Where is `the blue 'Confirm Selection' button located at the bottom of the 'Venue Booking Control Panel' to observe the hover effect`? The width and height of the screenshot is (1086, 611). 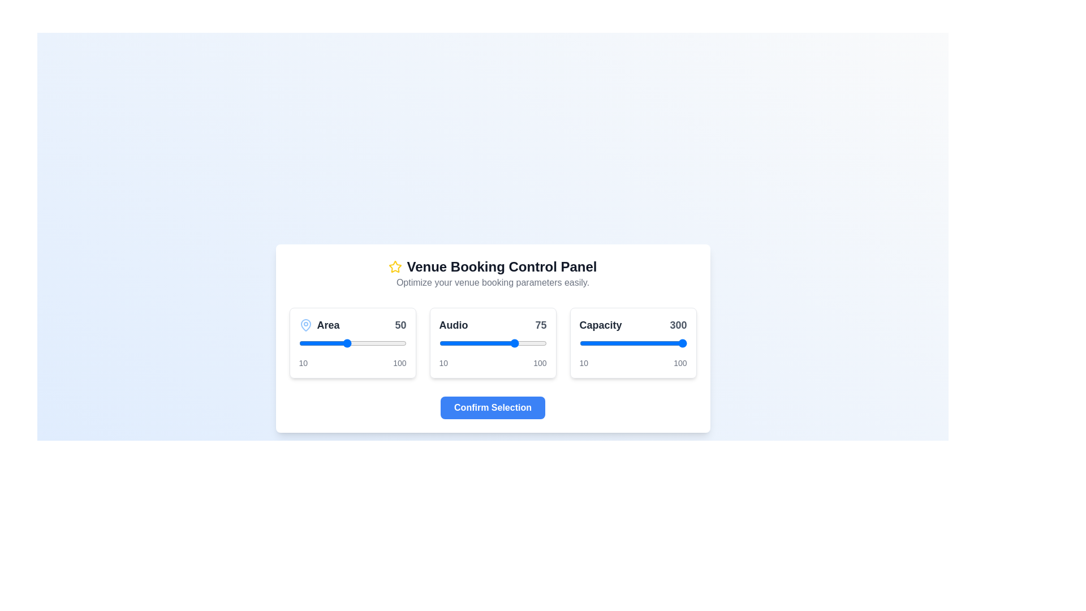 the blue 'Confirm Selection' button located at the bottom of the 'Venue Booking Control Panel' to observe the hover effect is located at coordinates (493, 407).